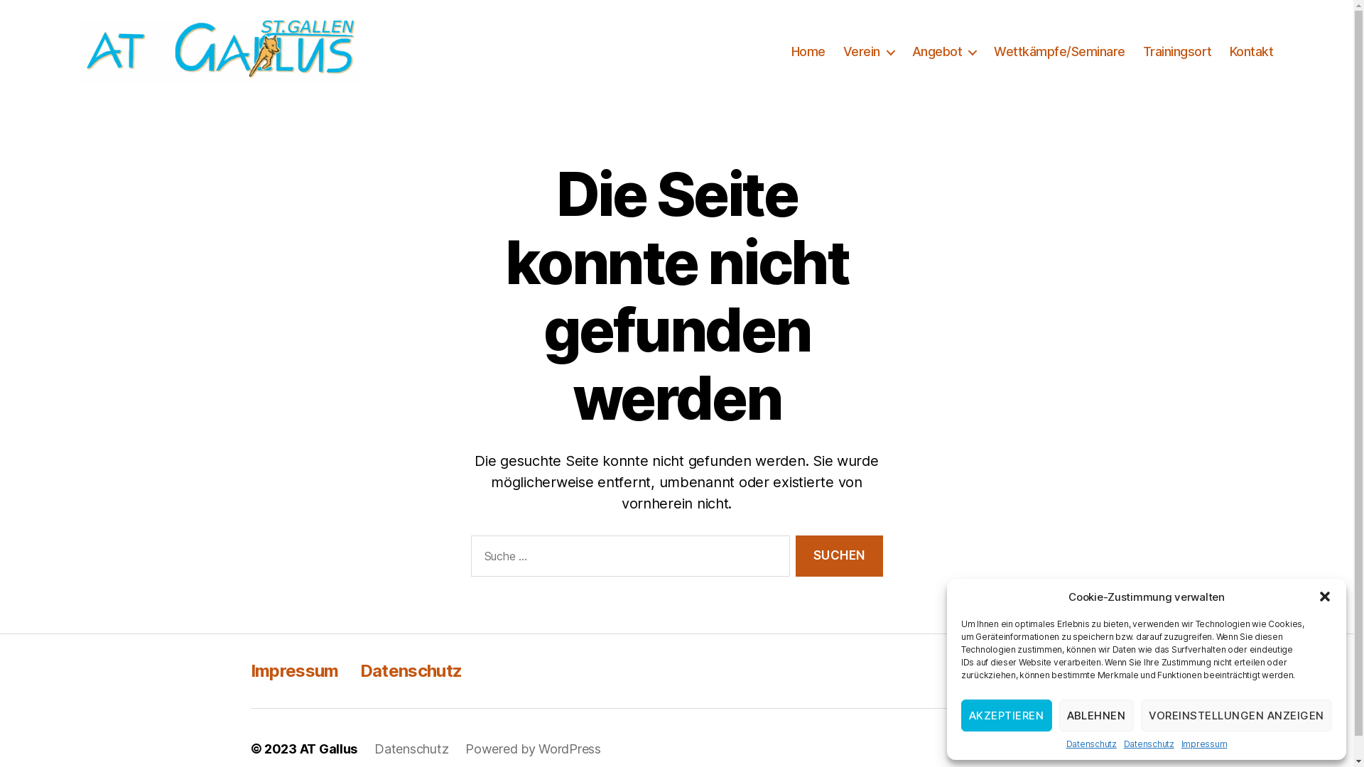  What do you see at coordinates (1095, 715) in the screenshot?
I see `'ABLEHNEN'` at bounding box center [1095, 715].